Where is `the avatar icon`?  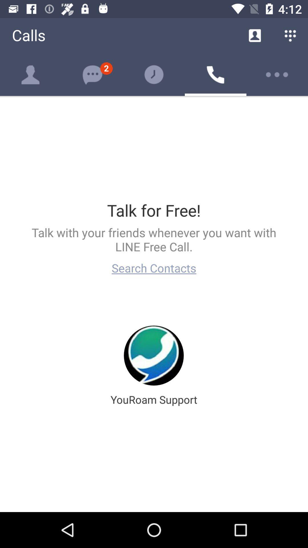 the avatar icon is located at coordinates (31, 74).